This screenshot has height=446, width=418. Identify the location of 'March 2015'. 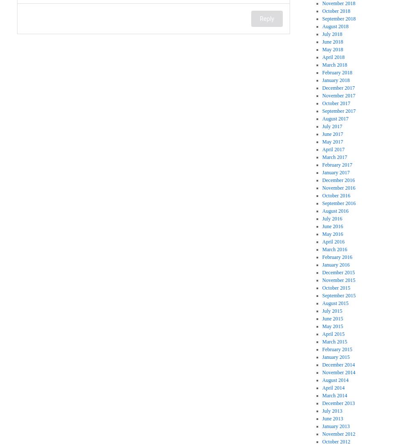
(334, 341).